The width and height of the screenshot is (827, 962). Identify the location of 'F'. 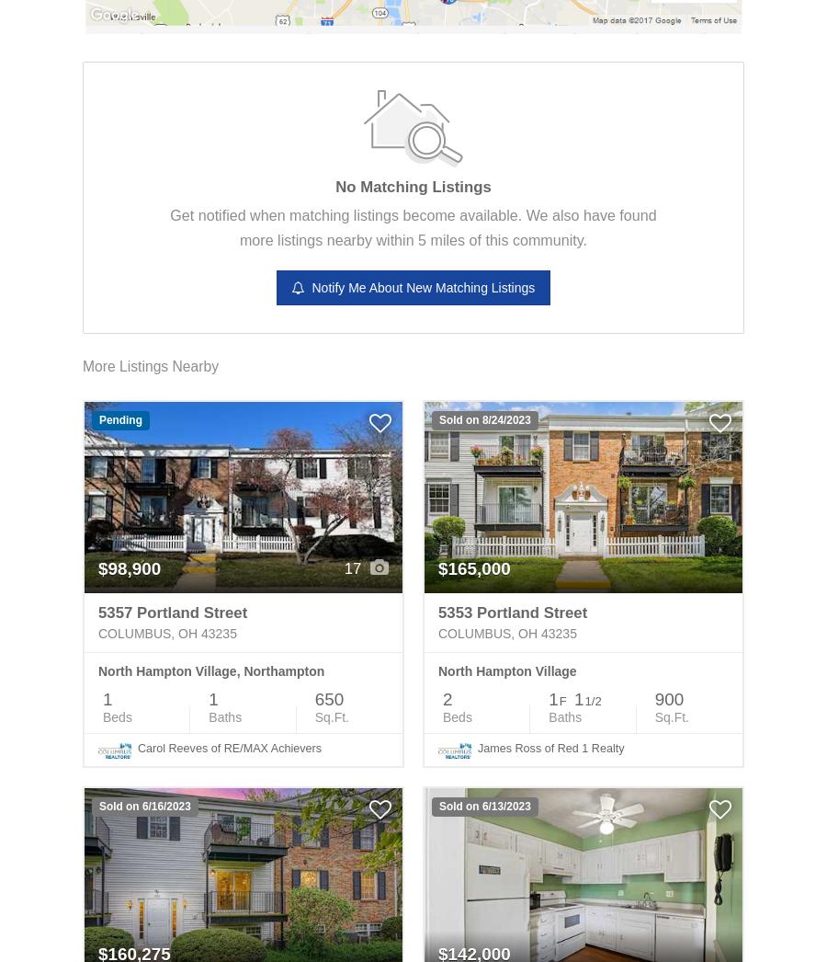
(559, 700).